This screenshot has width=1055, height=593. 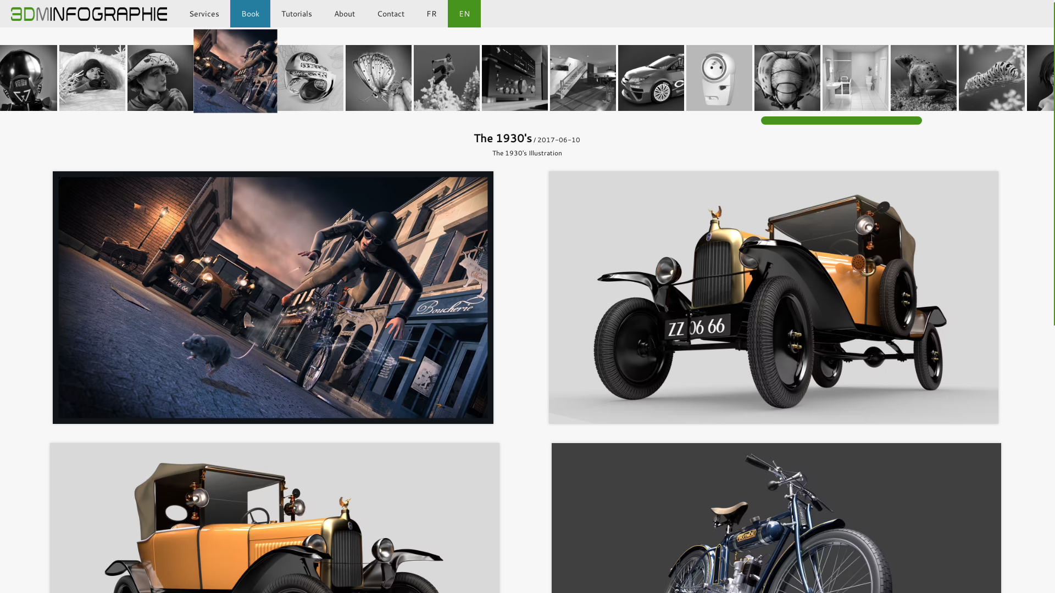 I want to click on 'Tutorials', so click(x=296, y=13).